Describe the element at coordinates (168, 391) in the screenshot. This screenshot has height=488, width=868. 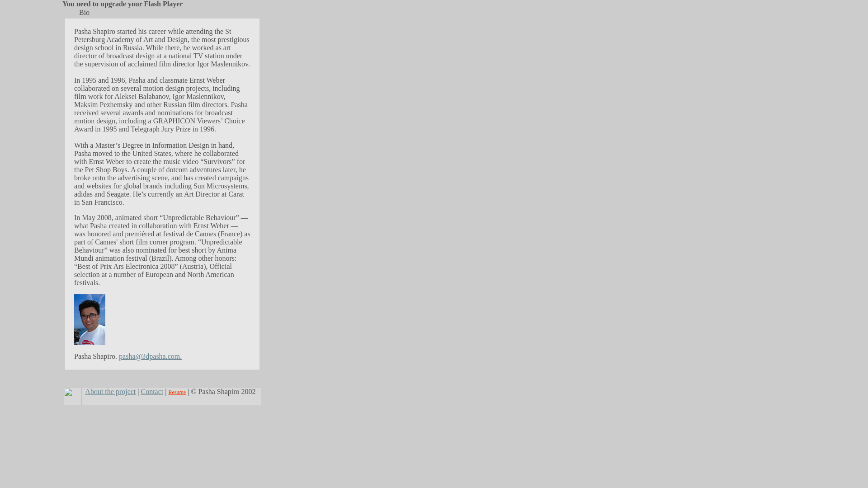
I see `'Resume'` at that location.